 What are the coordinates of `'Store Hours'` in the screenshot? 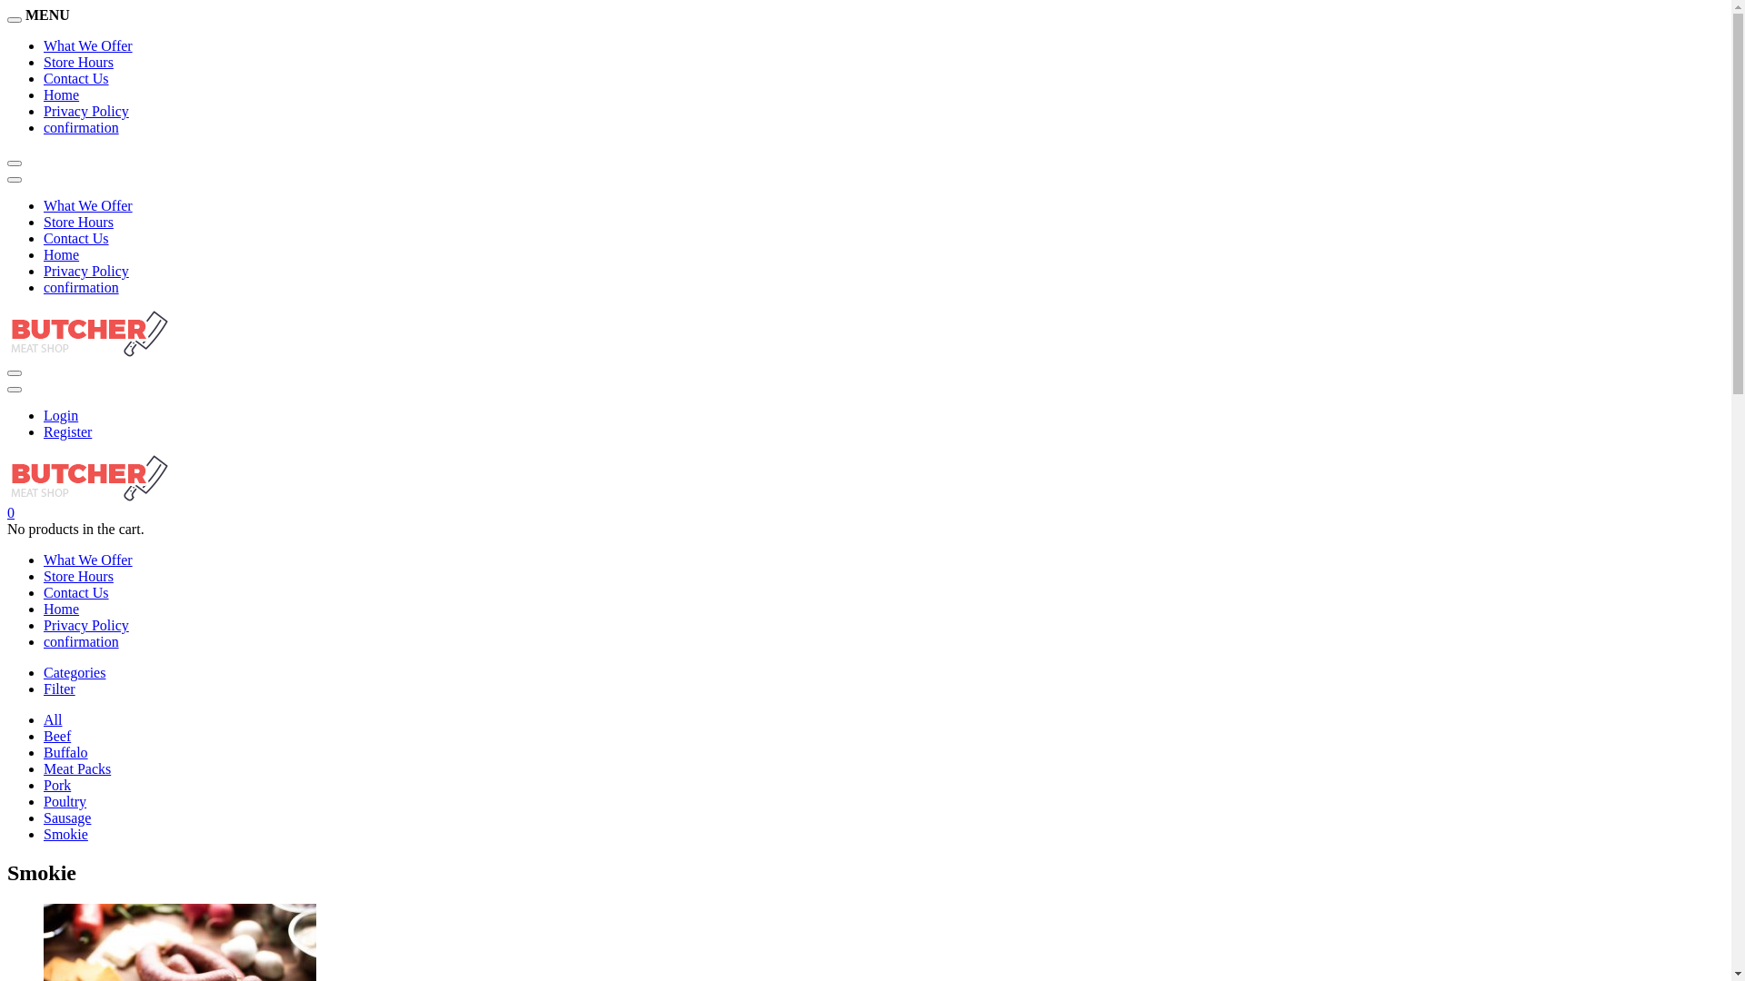 It's located at (77, 576).